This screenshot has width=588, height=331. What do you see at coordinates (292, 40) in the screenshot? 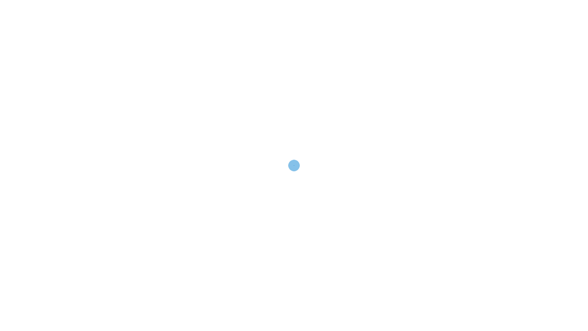
I see `'NEWS'` at bounding box center [292, 40].